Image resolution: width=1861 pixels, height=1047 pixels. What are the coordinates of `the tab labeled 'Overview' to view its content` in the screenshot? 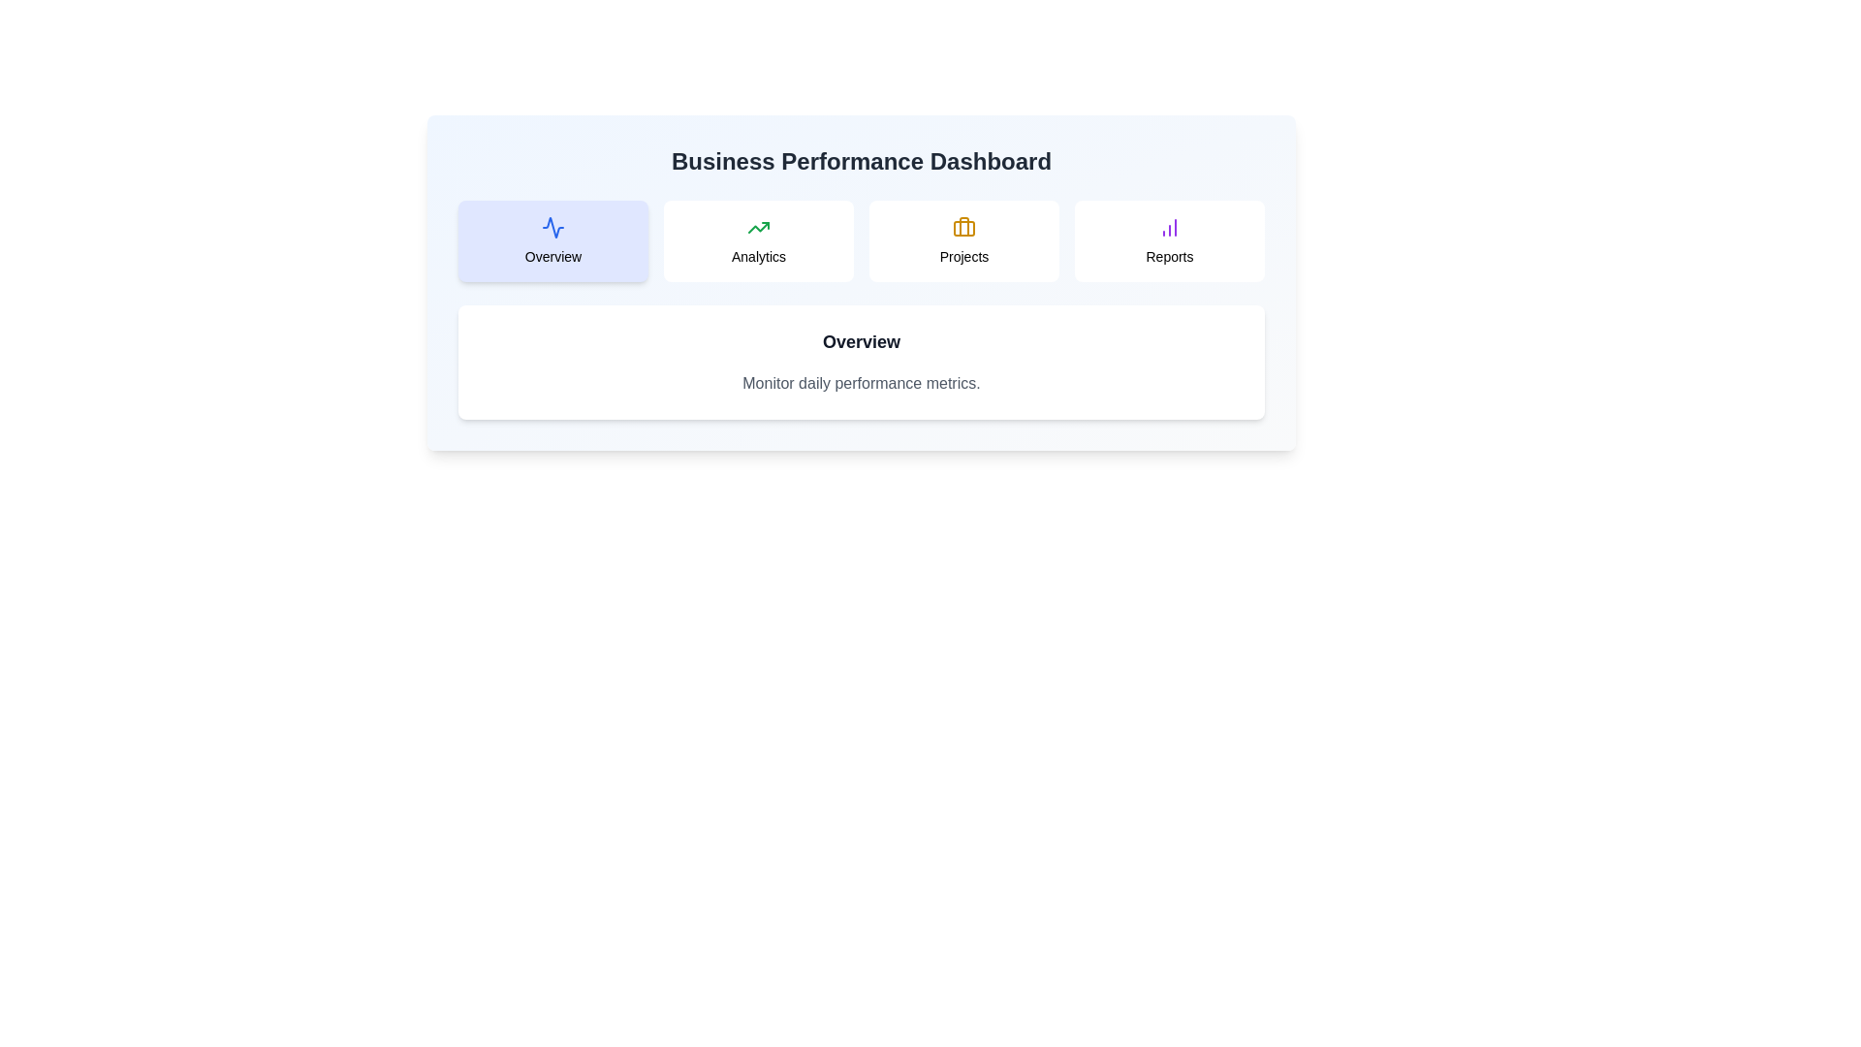 It's located at (552, 240).